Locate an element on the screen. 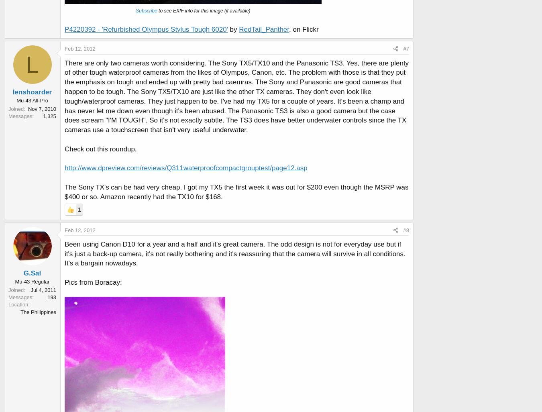 The width and height of the screenshot is (542, 412). '#8' is located at coordinates (405, 229).